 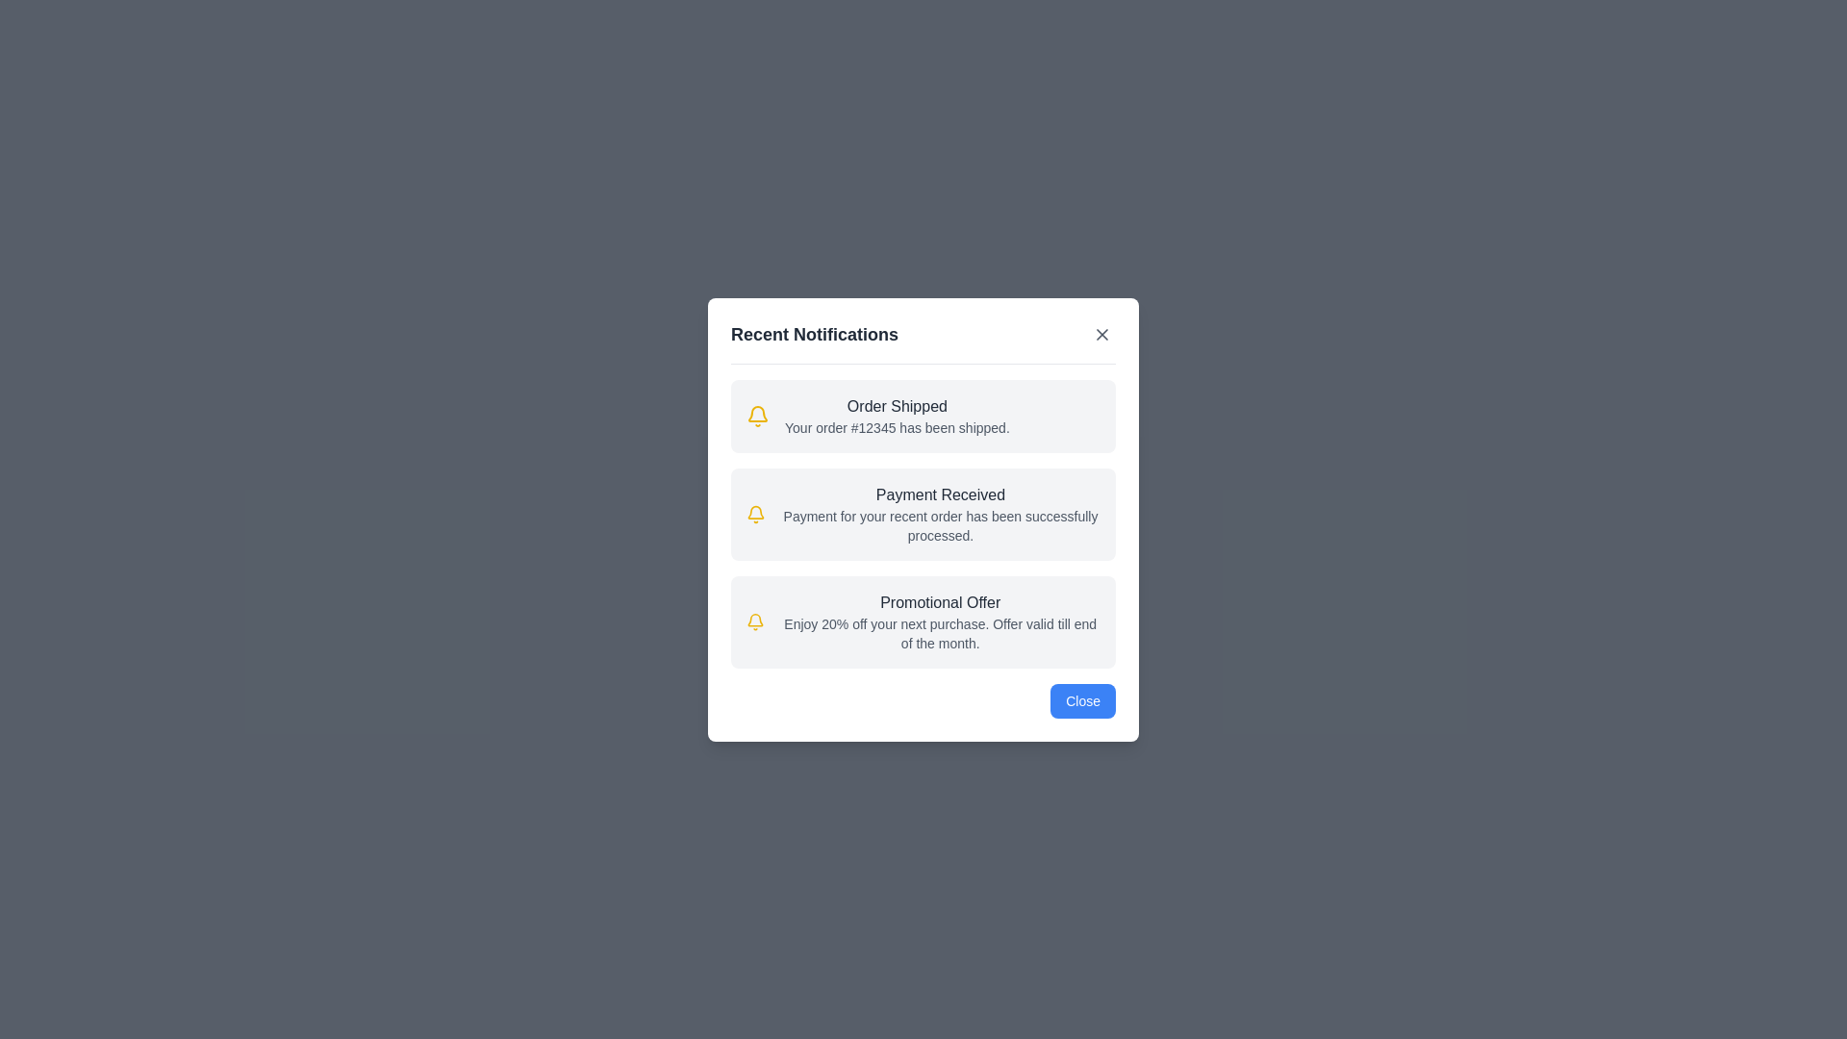 What do you see at coordinates (1083, 700) in the screenshot?
I see `the 'Close' button to dismiss the dialog` at bounding box center [1083, 700].